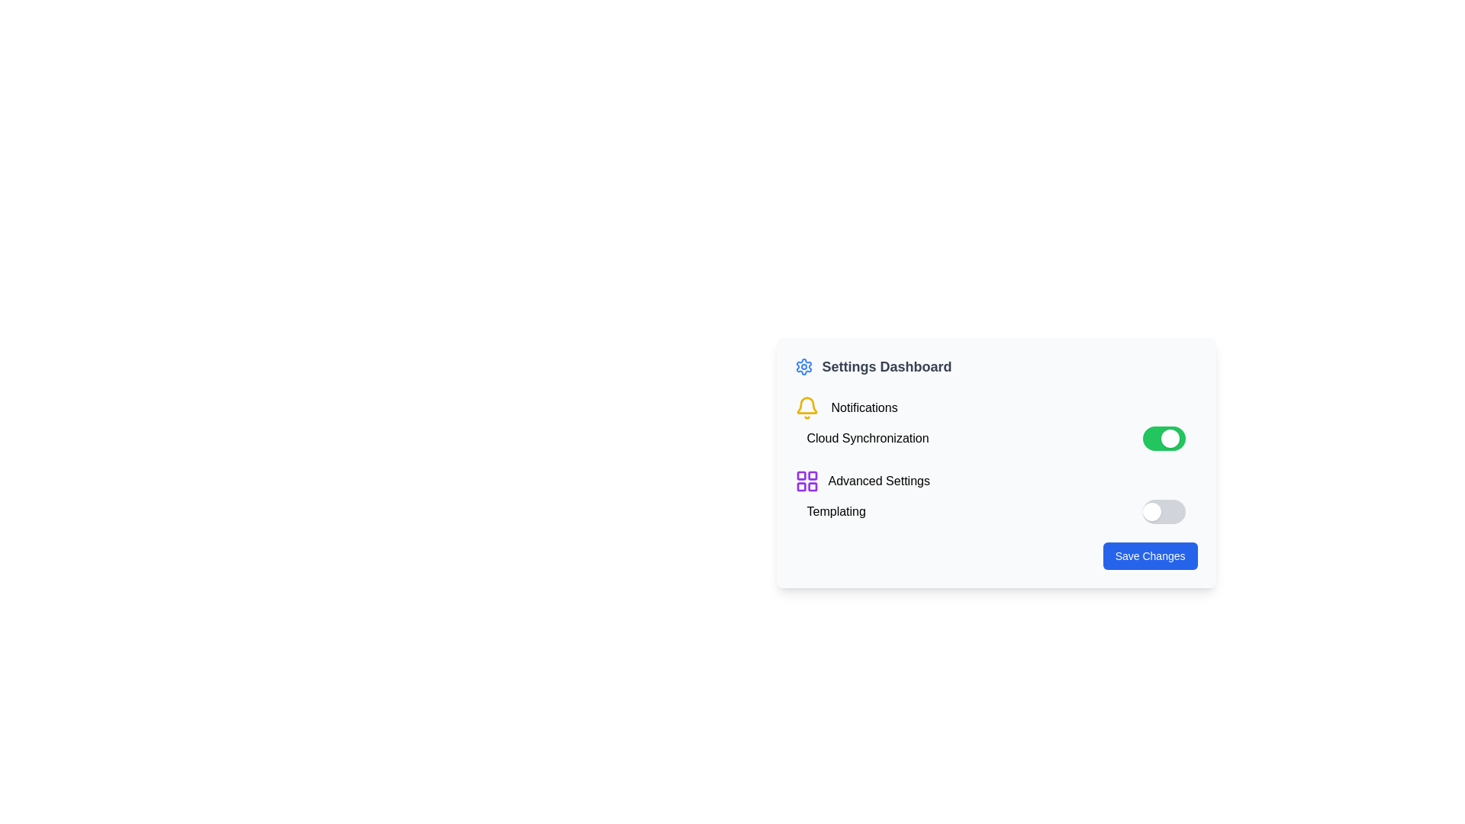 This screenshot has height=824, width=1465. I want to click on the save changes button located in the bottom-right area of the settings panel to commit modifications, so click(1150, 556).